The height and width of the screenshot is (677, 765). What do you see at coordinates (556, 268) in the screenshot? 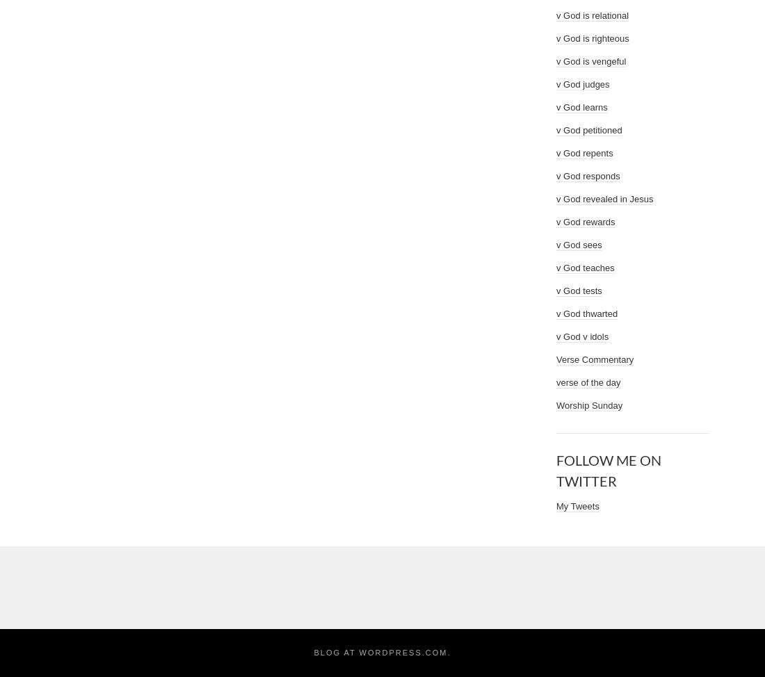
I see `'v God teaches'` at bounding box center [556, 268].